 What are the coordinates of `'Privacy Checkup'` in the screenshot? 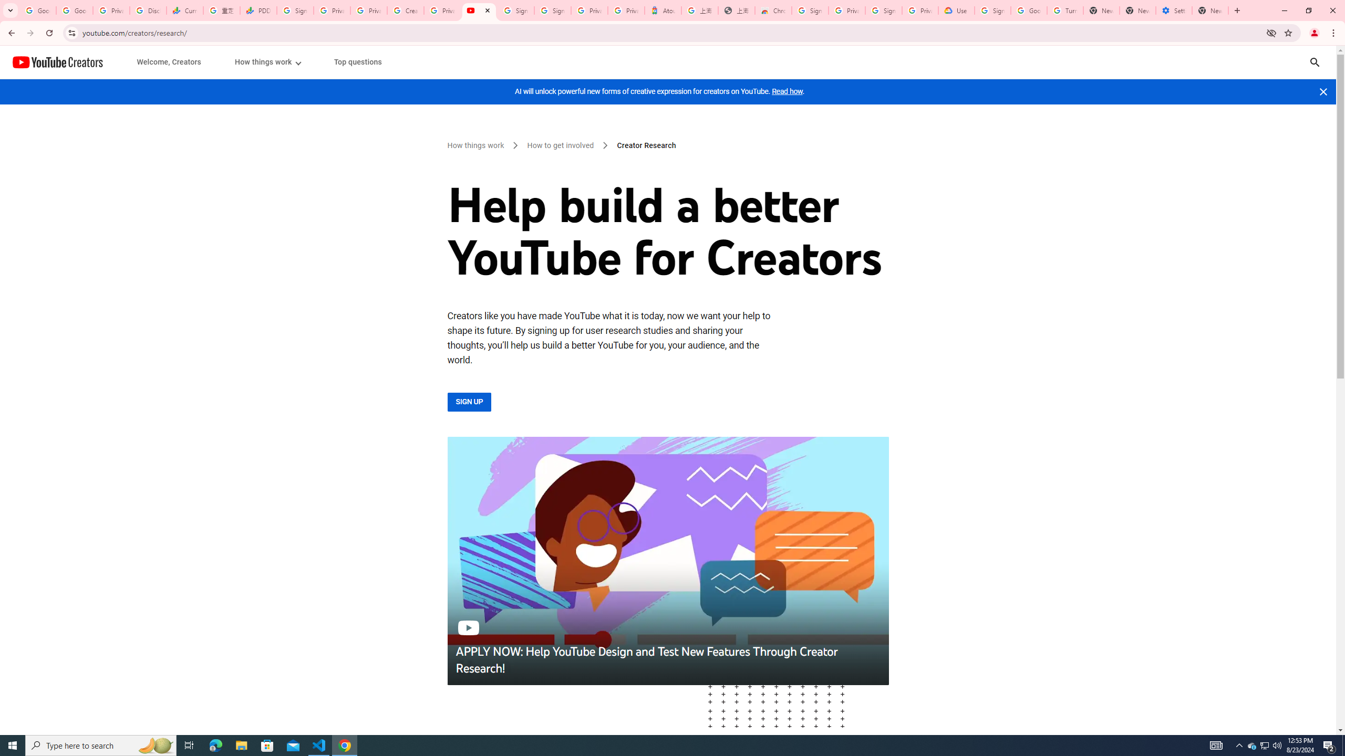 It's located at (368, 10).